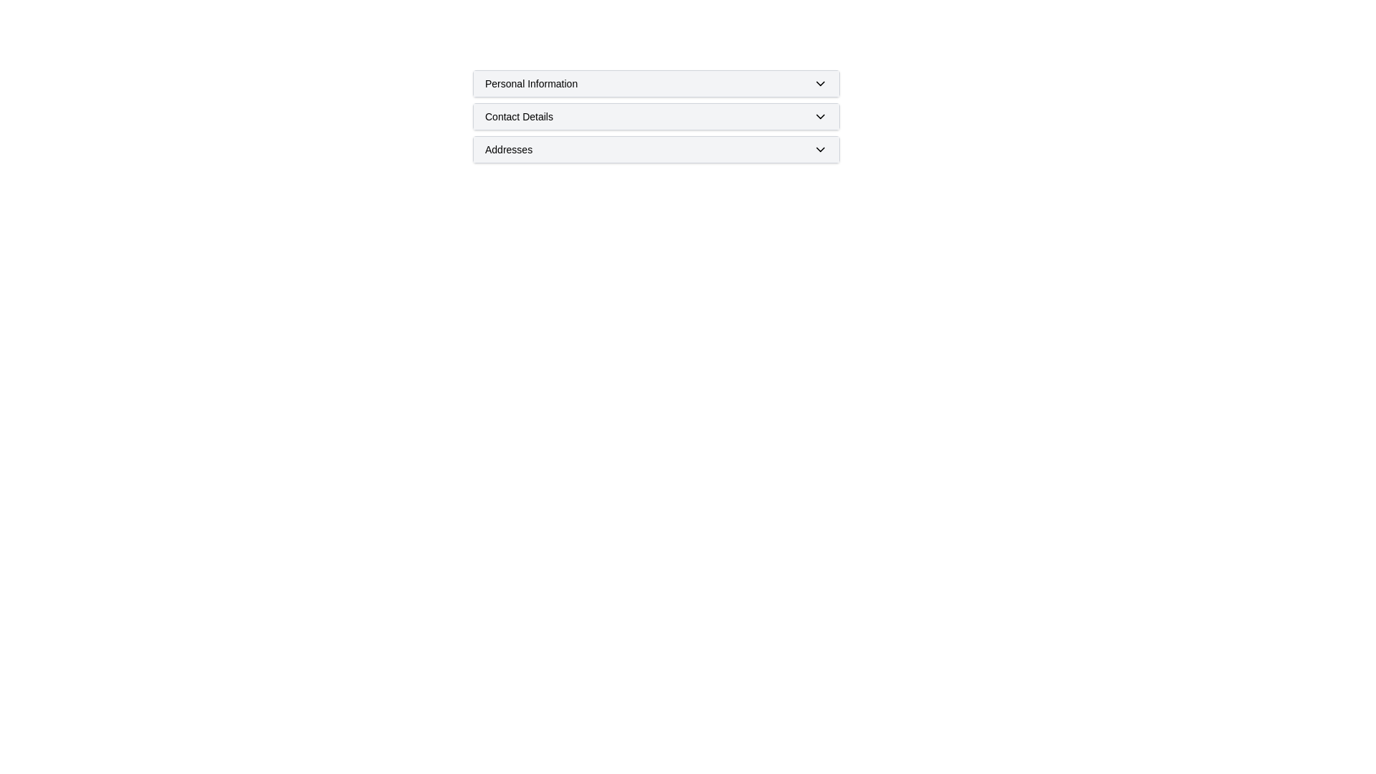  What do you see at coordinates (821, 83) in the screenshot?
I see `the expand/collapse icon located on the far right of the 'Personal Information' section header` at bounding box center [821, 83].